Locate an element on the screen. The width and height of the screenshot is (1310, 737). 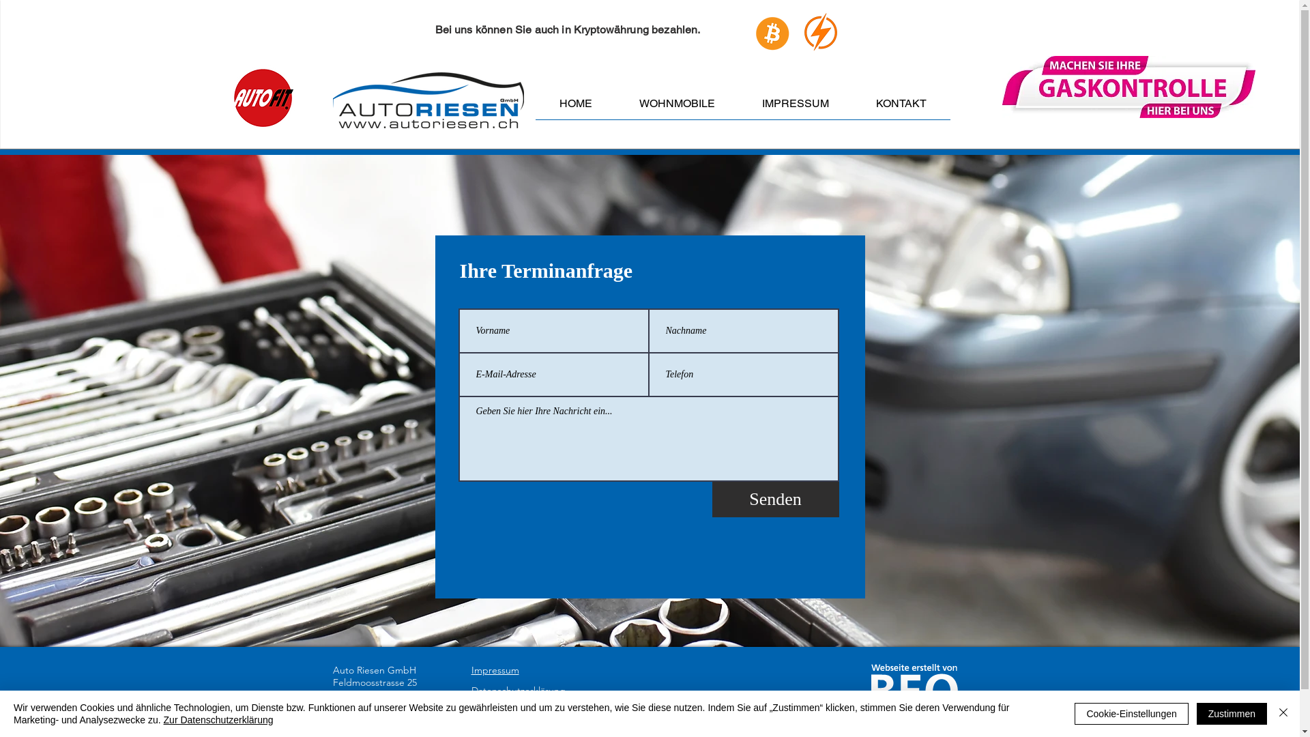
'Zustimmen' is located at coordinates (1232, 712).